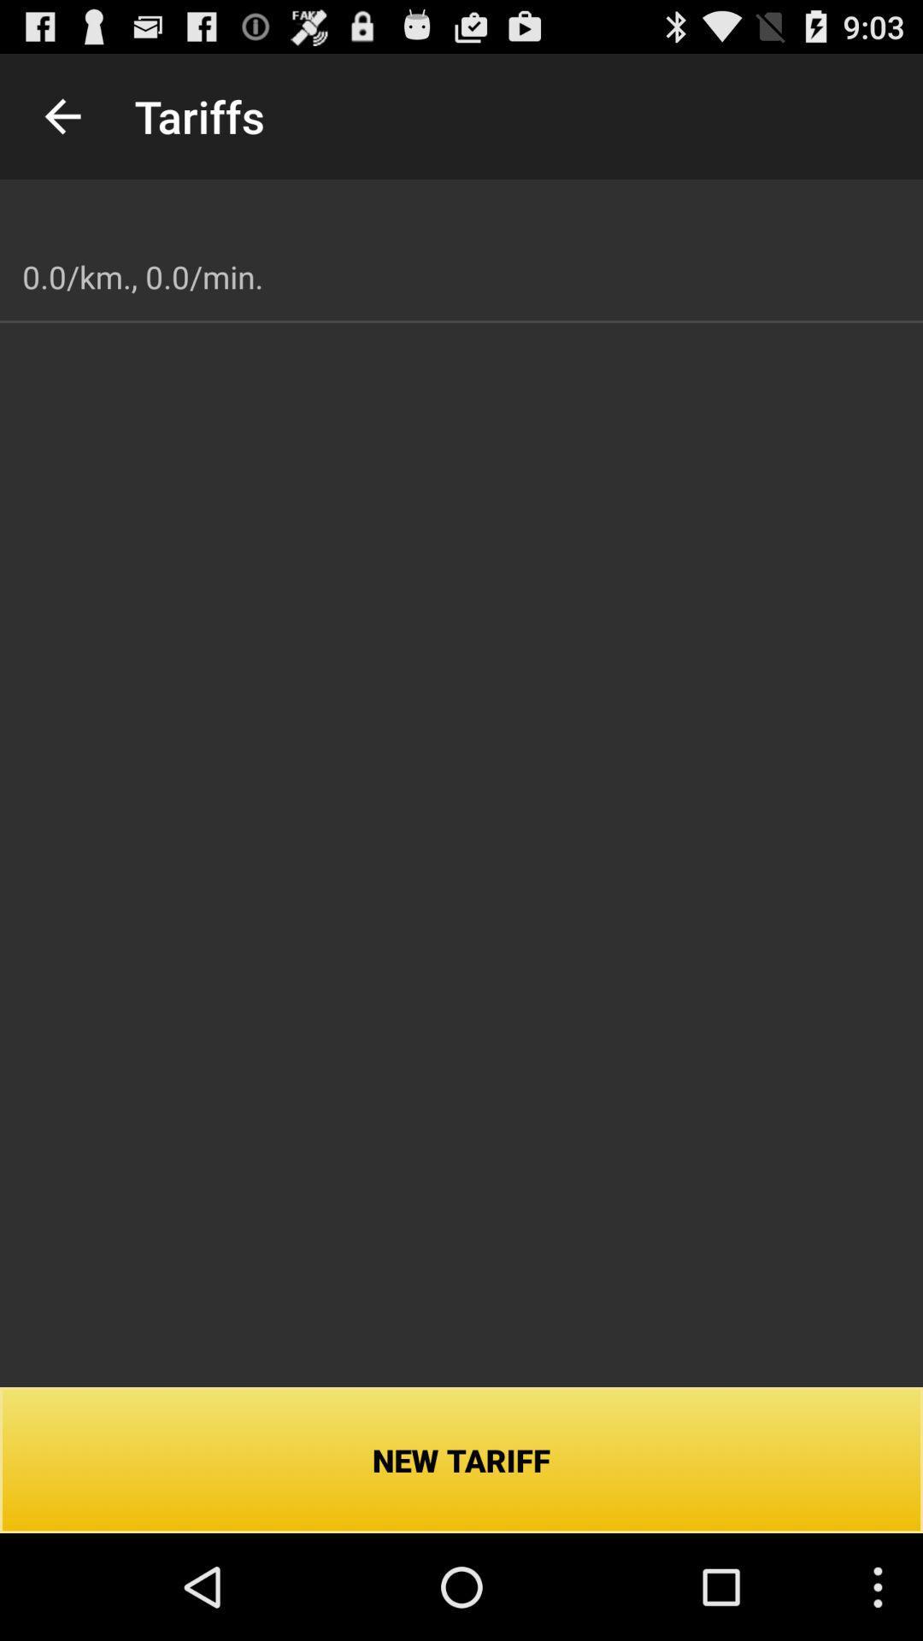  Describe the element at coordinates (461, 1459) in the screenshot. I see `new tariff` at that location.